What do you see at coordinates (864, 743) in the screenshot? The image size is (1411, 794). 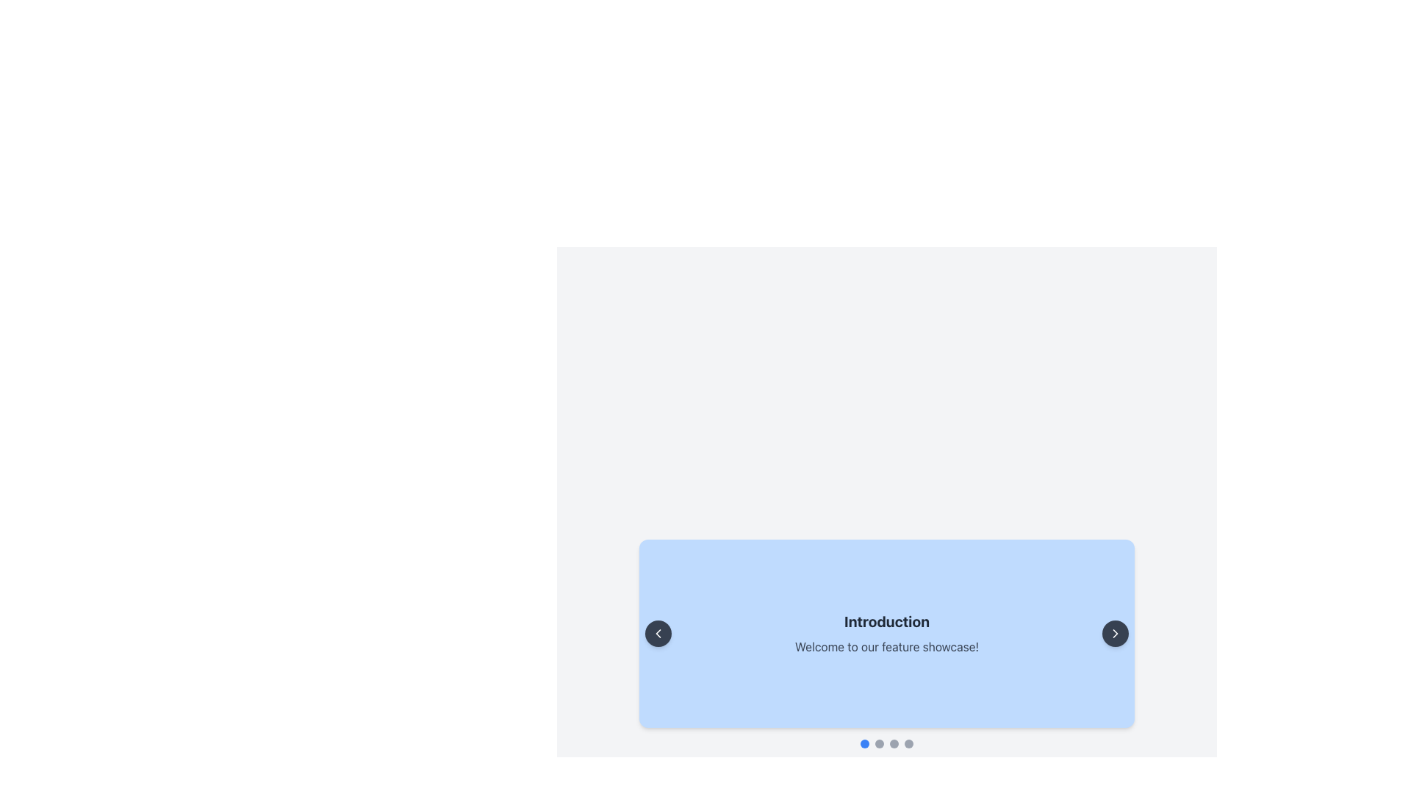 I see `the blue circular pagination indicator, which is the first of four horizontally aligned indicators` at bounding box center [864, 743].